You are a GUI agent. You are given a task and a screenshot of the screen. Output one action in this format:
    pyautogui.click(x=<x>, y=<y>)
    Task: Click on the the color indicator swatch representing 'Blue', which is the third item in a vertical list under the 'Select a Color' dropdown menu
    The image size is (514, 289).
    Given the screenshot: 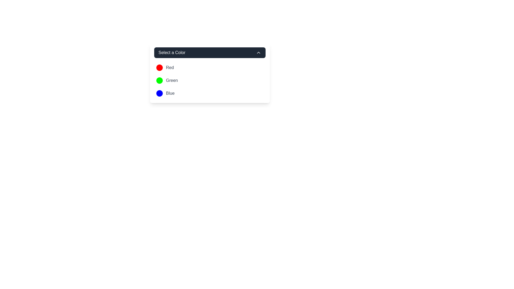 What is the action you would take?
    pyautogui.click(x=159, y=93)
    